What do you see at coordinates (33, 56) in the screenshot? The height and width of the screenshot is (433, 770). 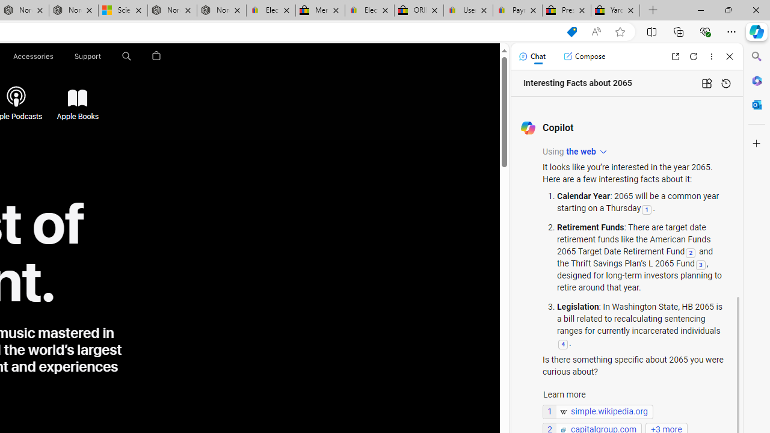 I see `'Accessories'` at bounding box center [33, 56].